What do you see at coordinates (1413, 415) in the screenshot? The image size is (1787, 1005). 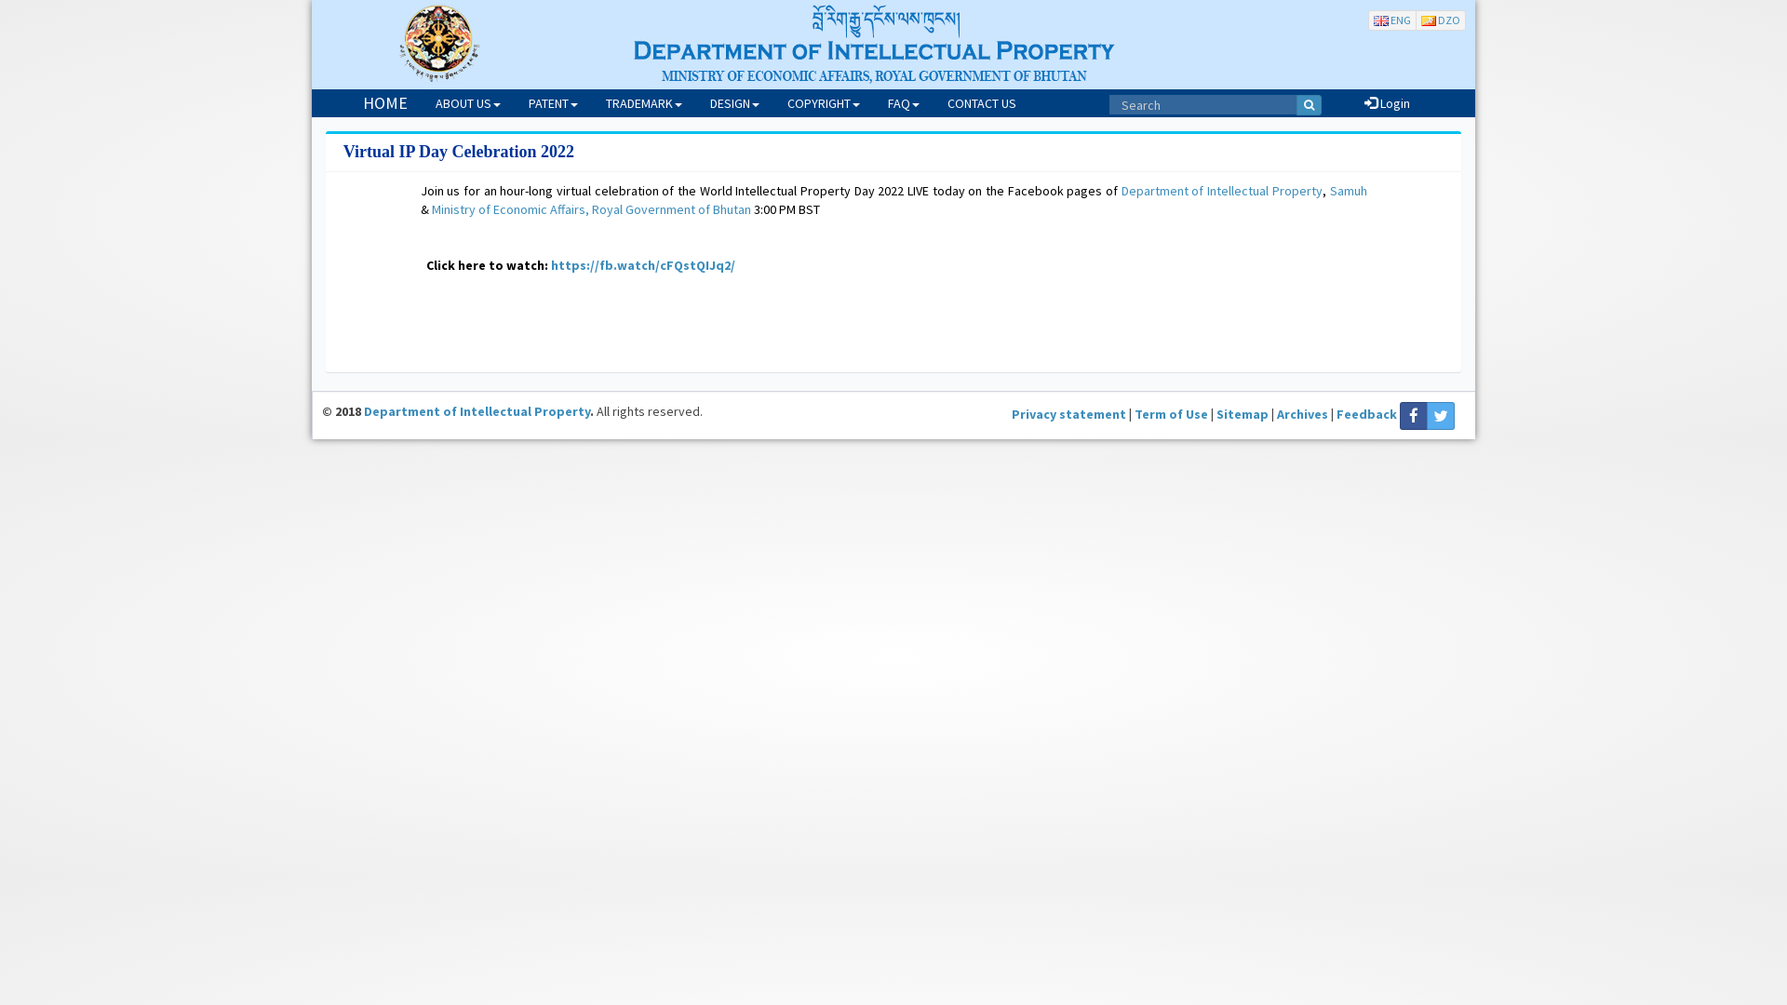 I see `'facebook'` at bounding box center [1413, 415].